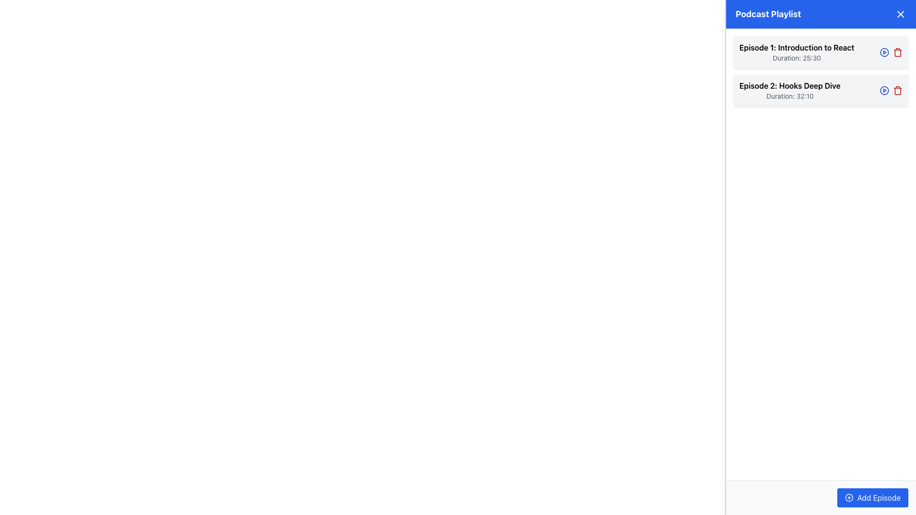 The image size is (916, 515). What do you see at coordinates (790, 96) in the screenshot?
I see `the text label indicating the duration of the second episode in the playlist, which is located under 'Episode 2: Hooks Deep Dive'` at bounding box center [790, 96].